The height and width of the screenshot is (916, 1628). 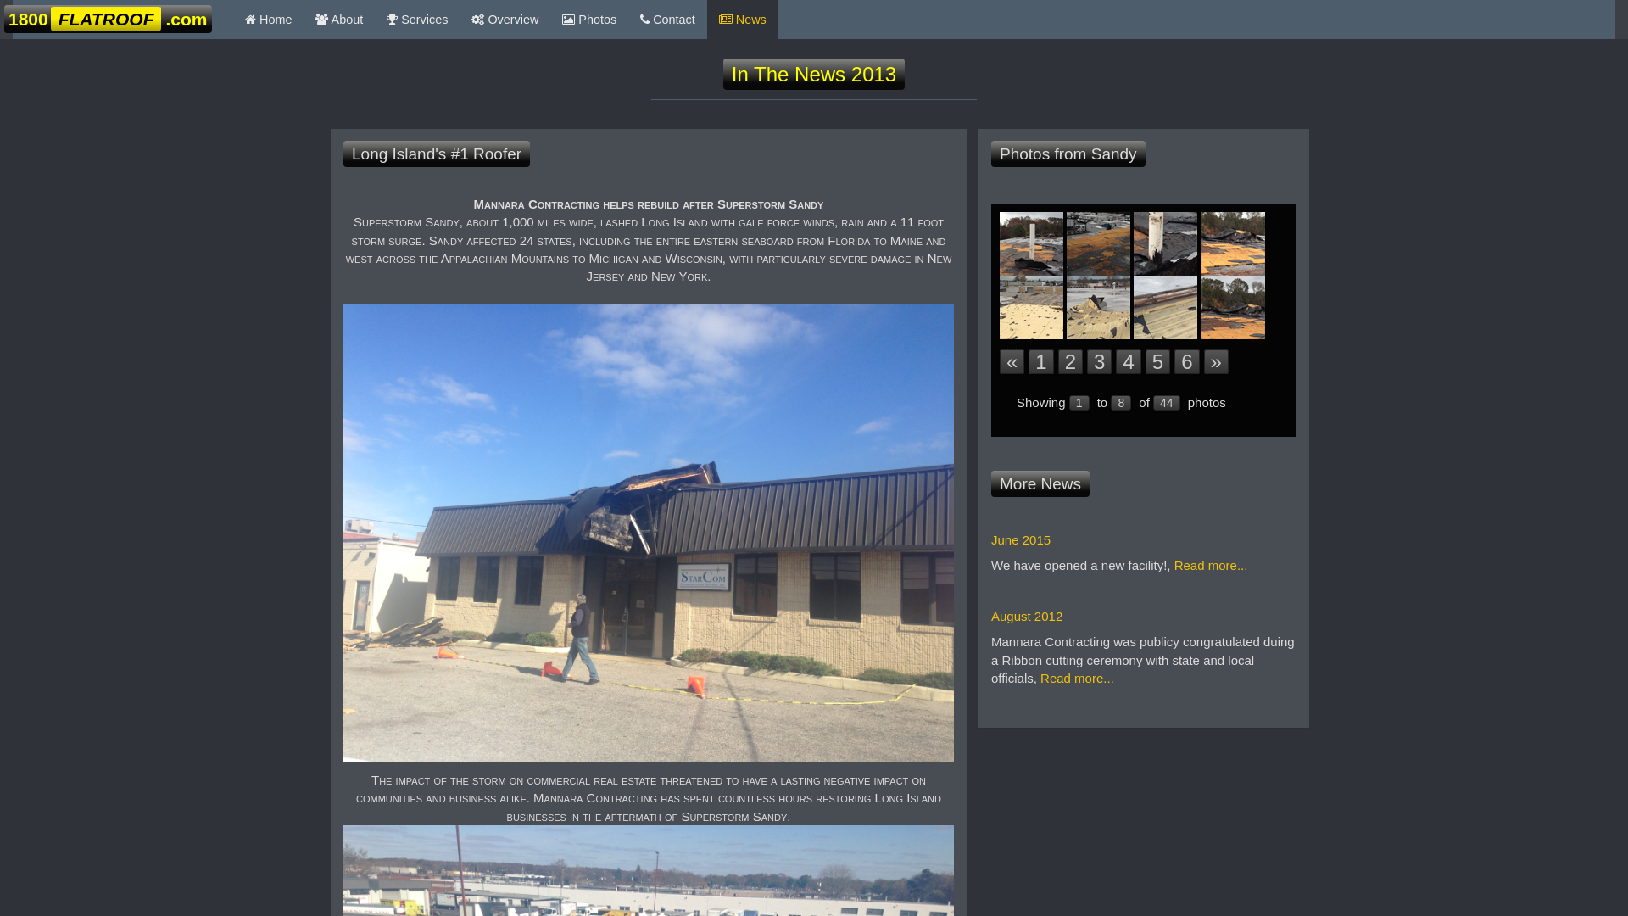 I want to click on '1800Flatroof.com on the  job', so click(x=1100, y=242).